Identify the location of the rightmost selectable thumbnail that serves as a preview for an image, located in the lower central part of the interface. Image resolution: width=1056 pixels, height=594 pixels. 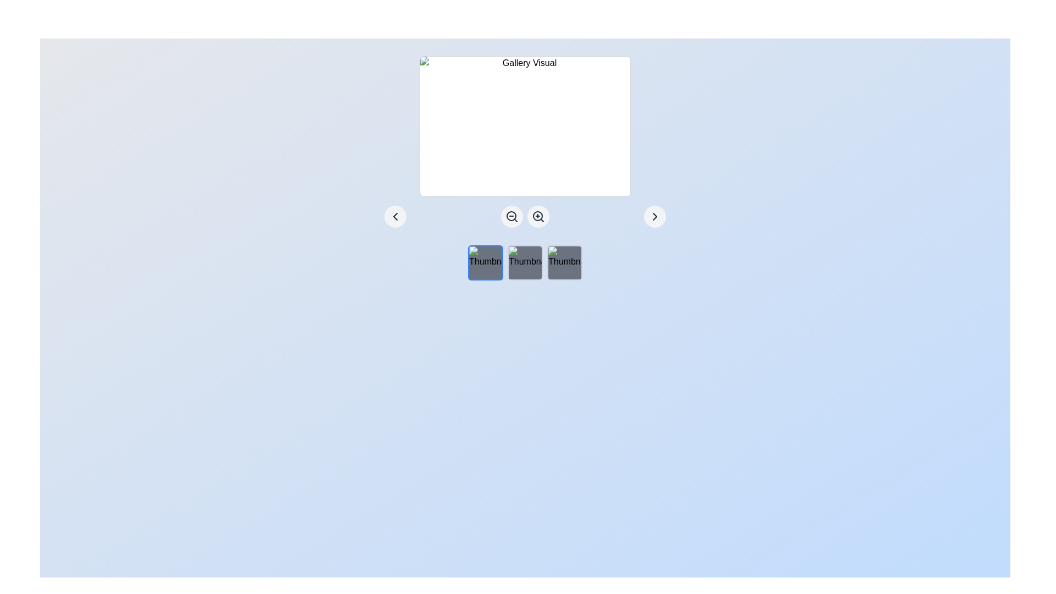
(565, 263).